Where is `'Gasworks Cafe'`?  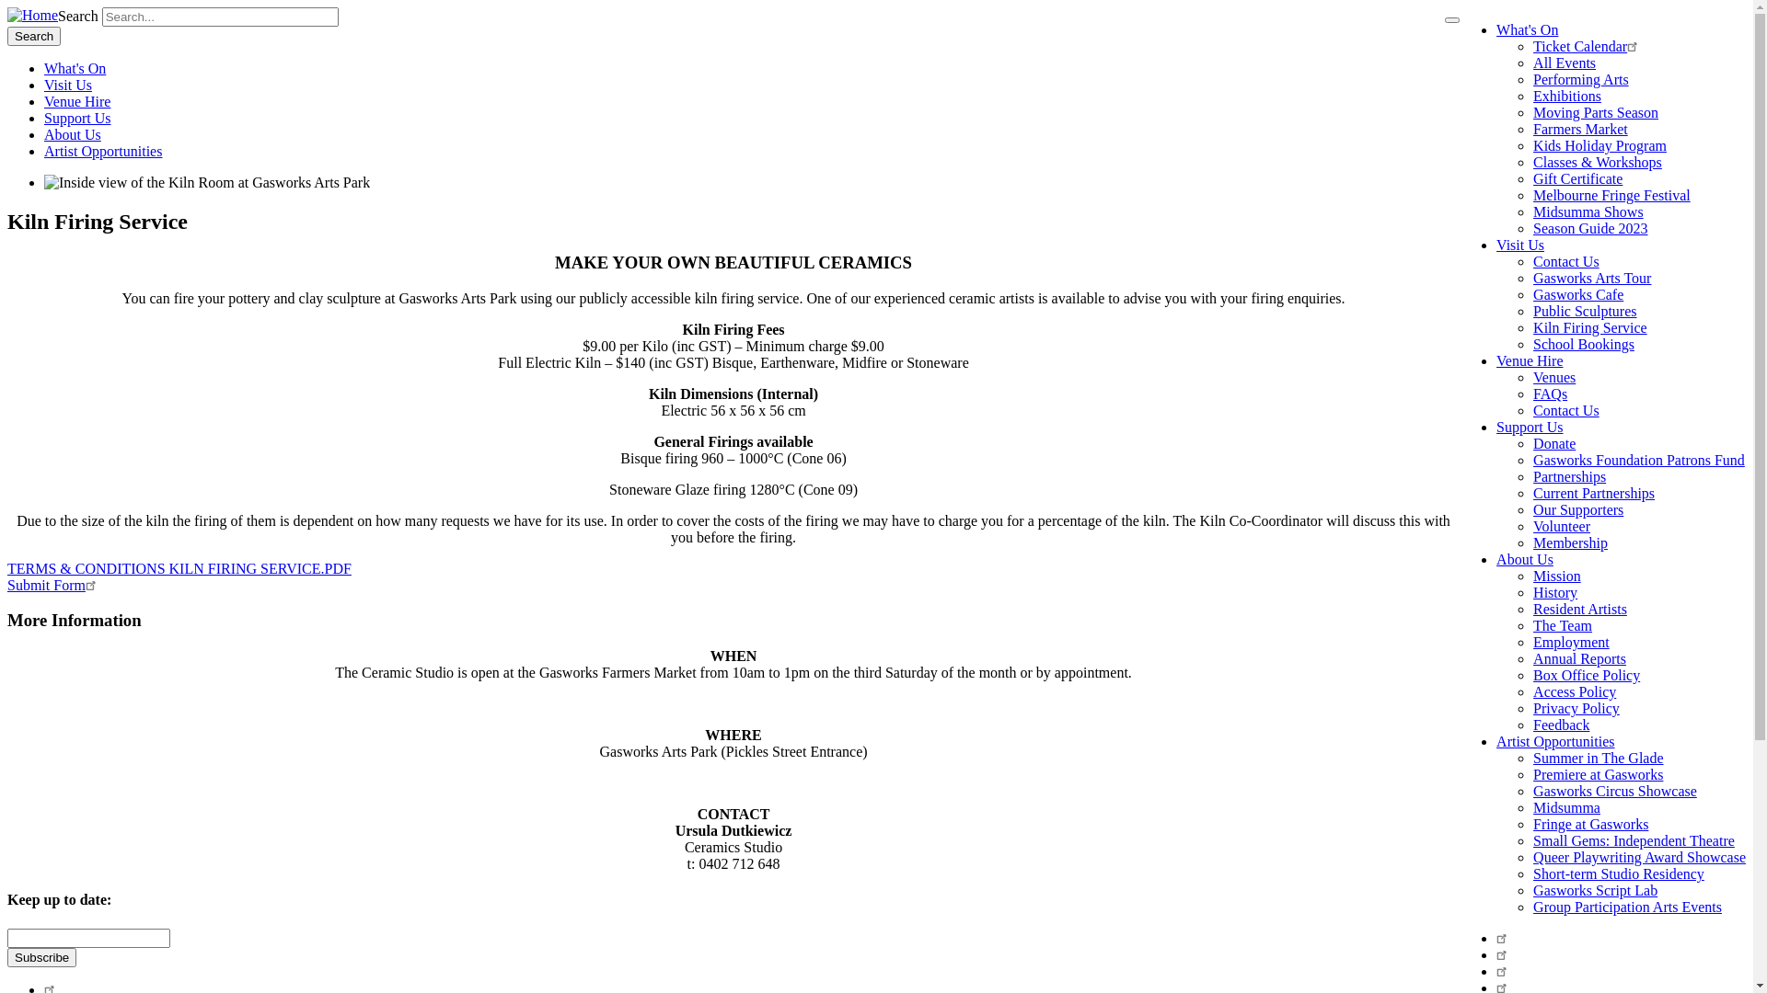 'Gasworks Cafe' is located at coordinates (1576, 293).